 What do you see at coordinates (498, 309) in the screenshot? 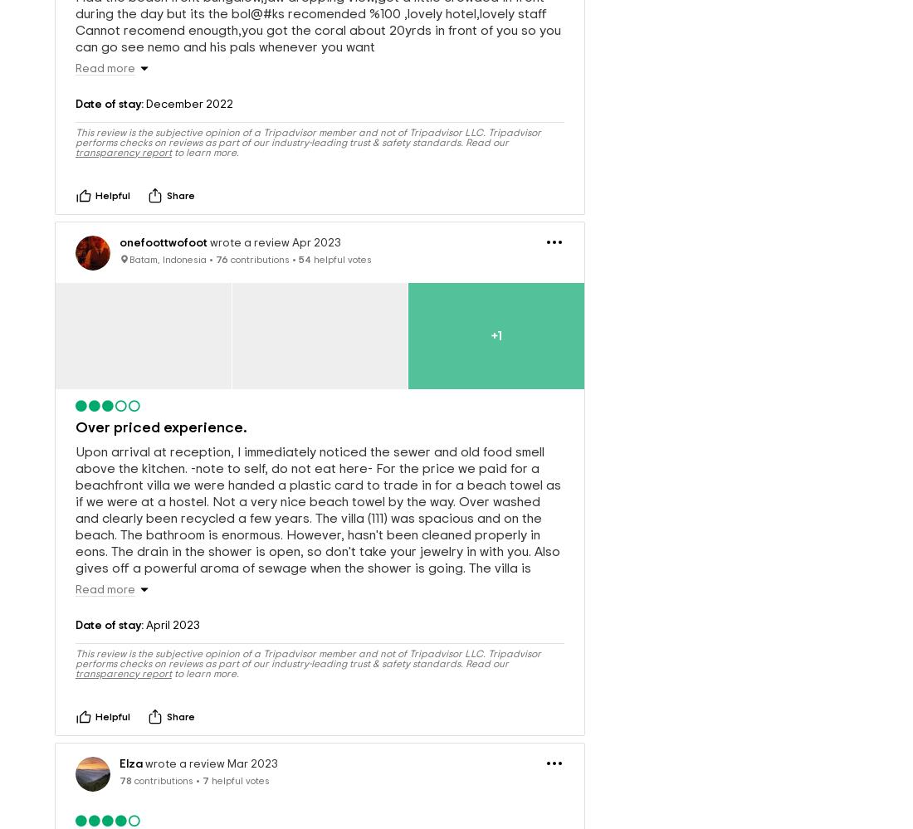
I see `'1'` at bounding box center [498, 309].